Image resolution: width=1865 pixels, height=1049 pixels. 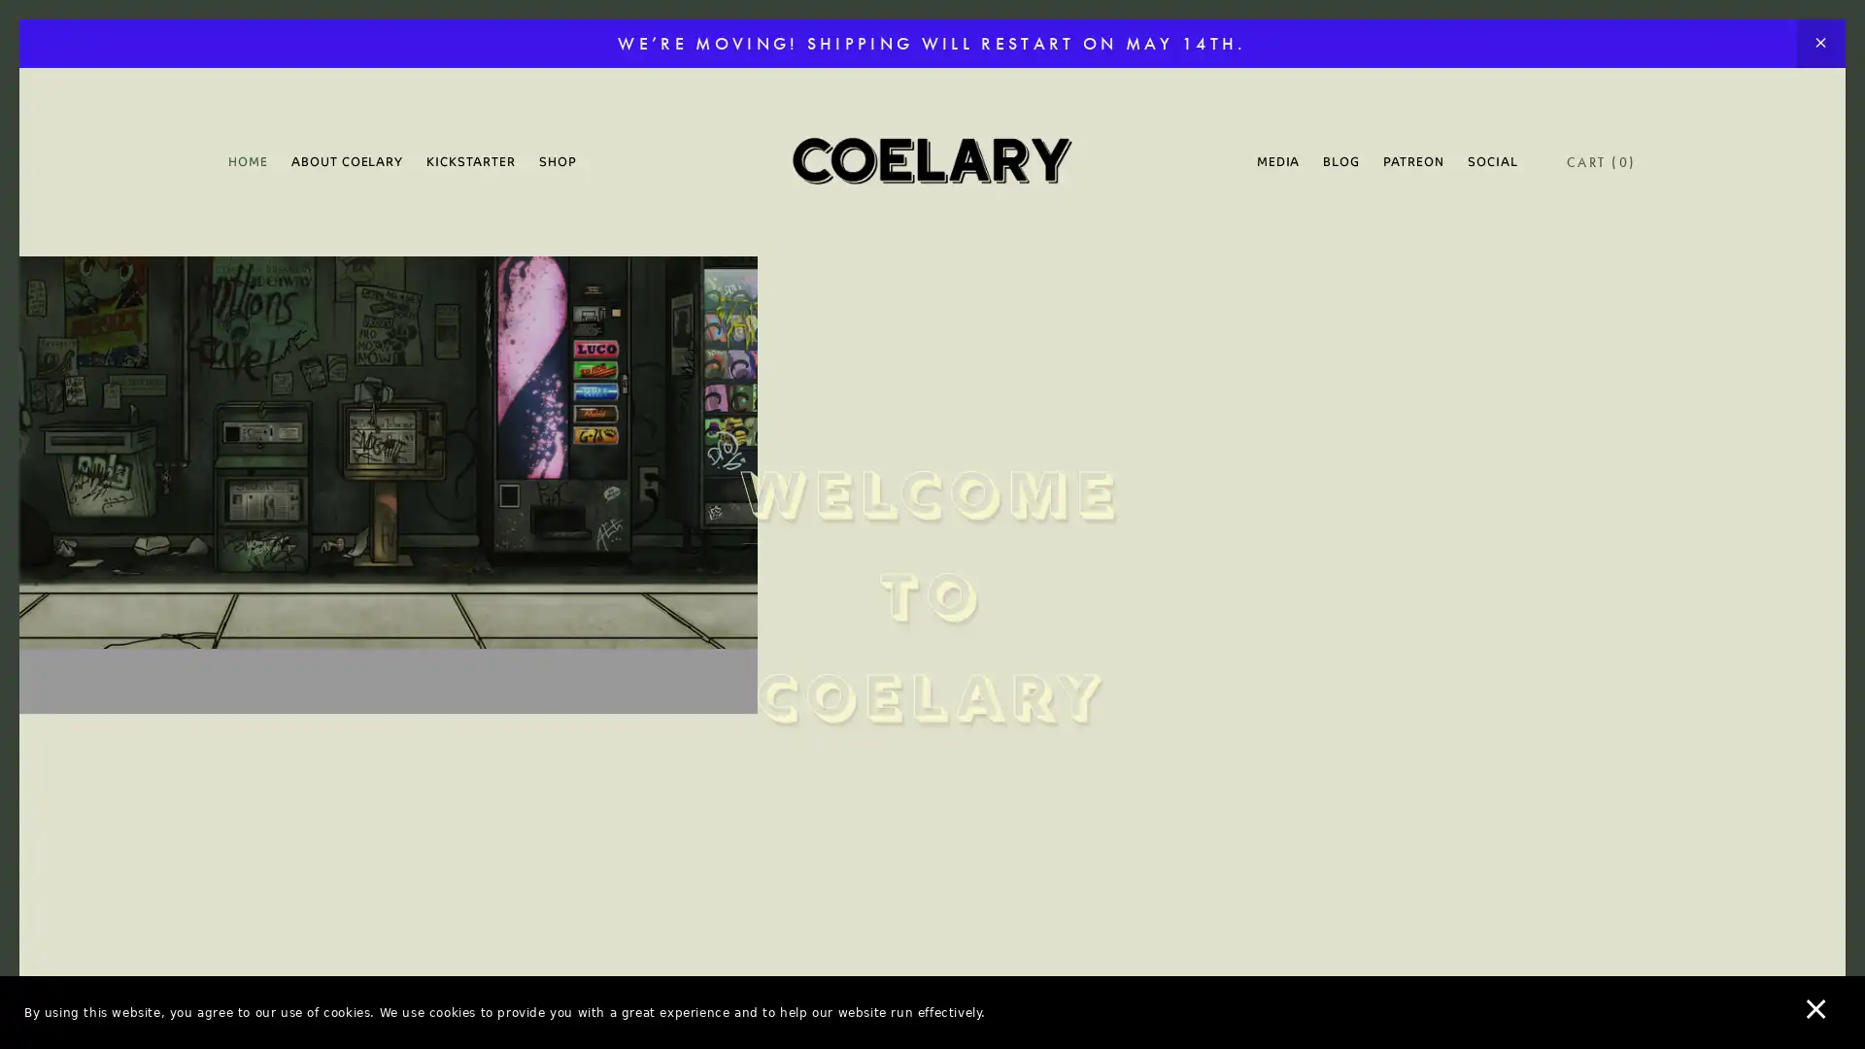 What do you see at coordinates (1114, 674) in the screenshot?
I see `Subscribe` at bounding box center [1114, 674].